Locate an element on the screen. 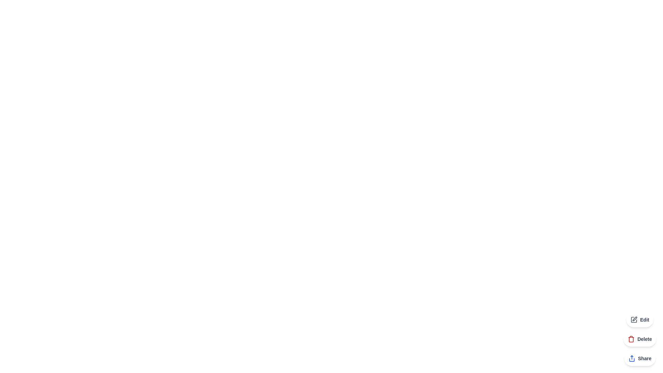 The image size is (663, 373). the top-most button in the bottom-right corner of the interface is located at coordinates (639, 319).